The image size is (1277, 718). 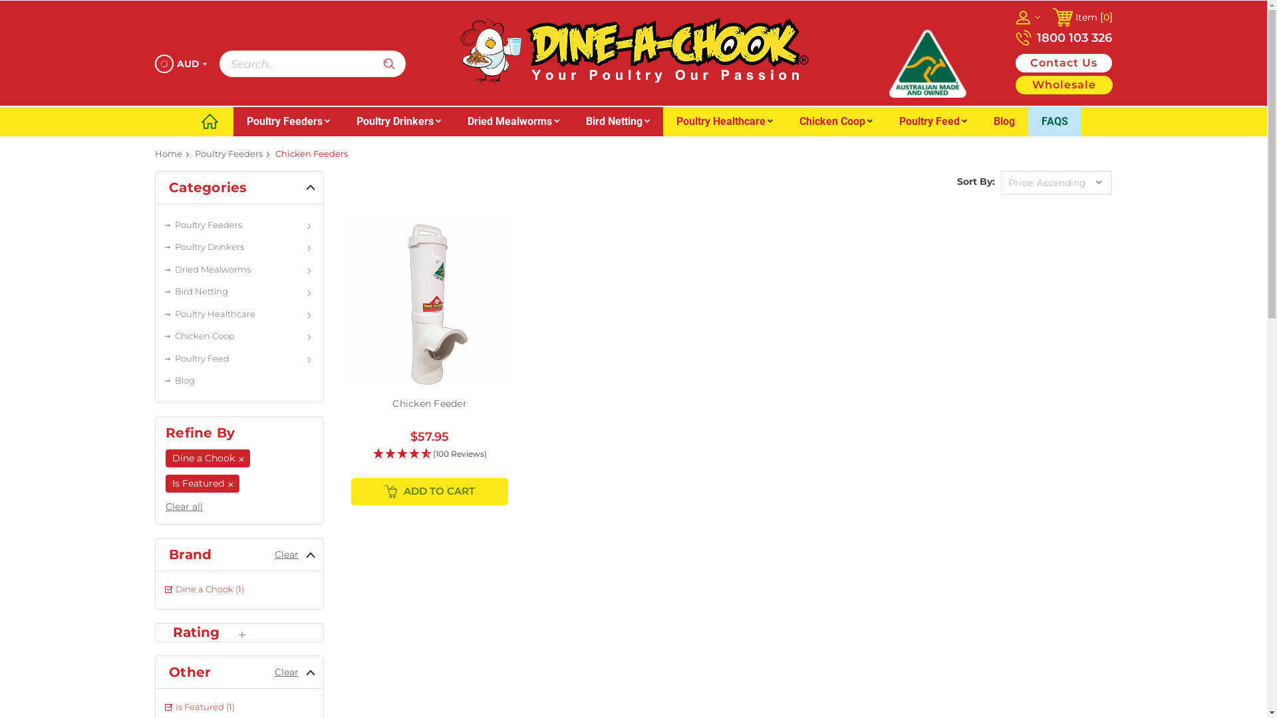 What do you see at coordinates (430, 304) in the screenshot?
I see `'Dine a Chook Chicken Feeder'` at bounding box center [430, 304].